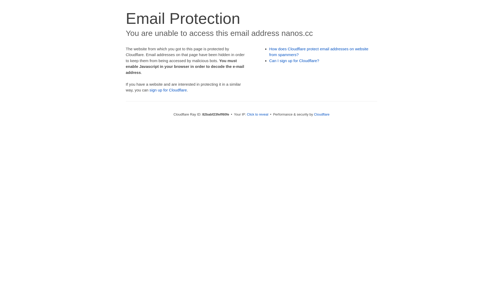  What do you see at coordinates (168, 90) in the screenshot?
I see `'sign up for Cloudflare'` at bounding box center [168, 90].